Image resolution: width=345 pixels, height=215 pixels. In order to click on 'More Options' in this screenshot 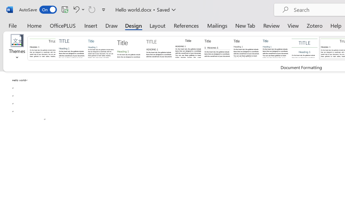, I will do `click(83, 9)`.